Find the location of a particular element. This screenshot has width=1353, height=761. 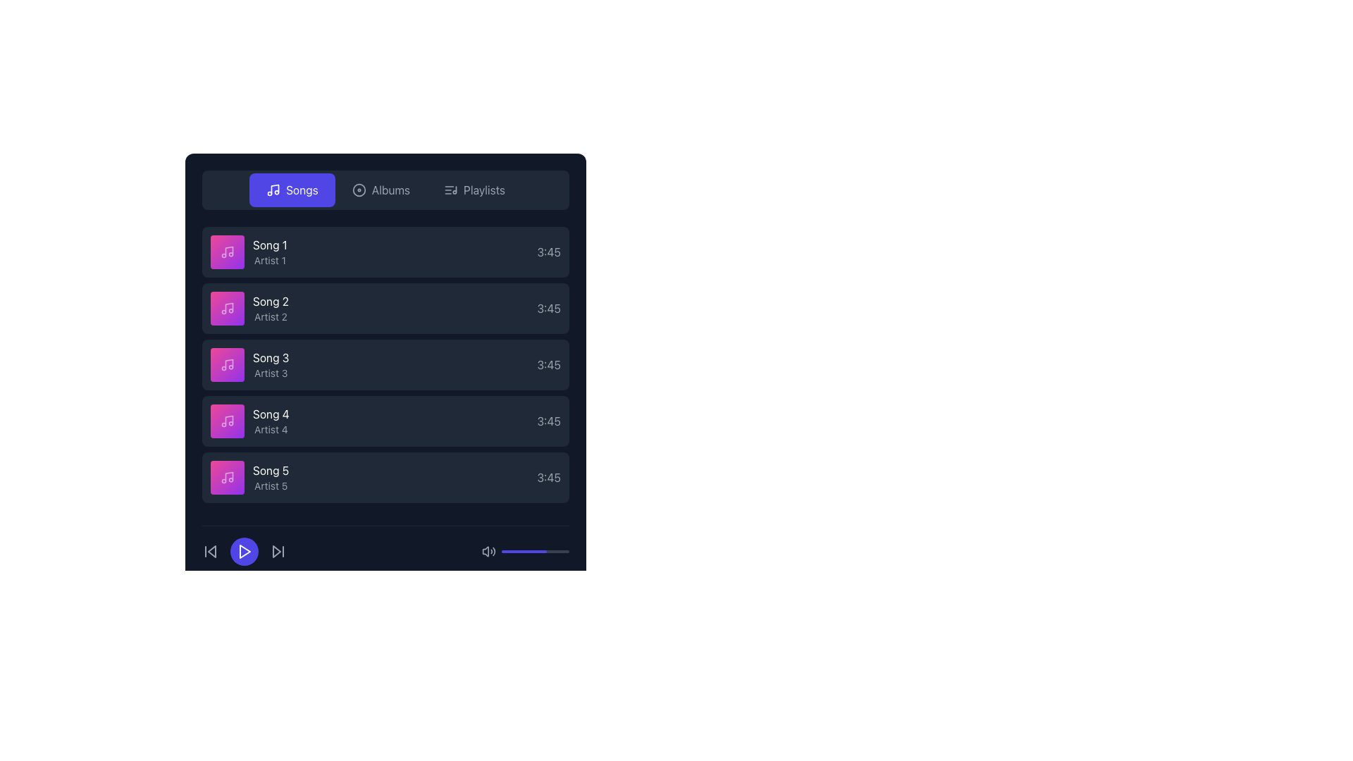

the design of the 'Albums' tab icon located in the horizontal navigation bar between the 'Songs' and 'Playlists' tabs is located at coordinates (359, 190).